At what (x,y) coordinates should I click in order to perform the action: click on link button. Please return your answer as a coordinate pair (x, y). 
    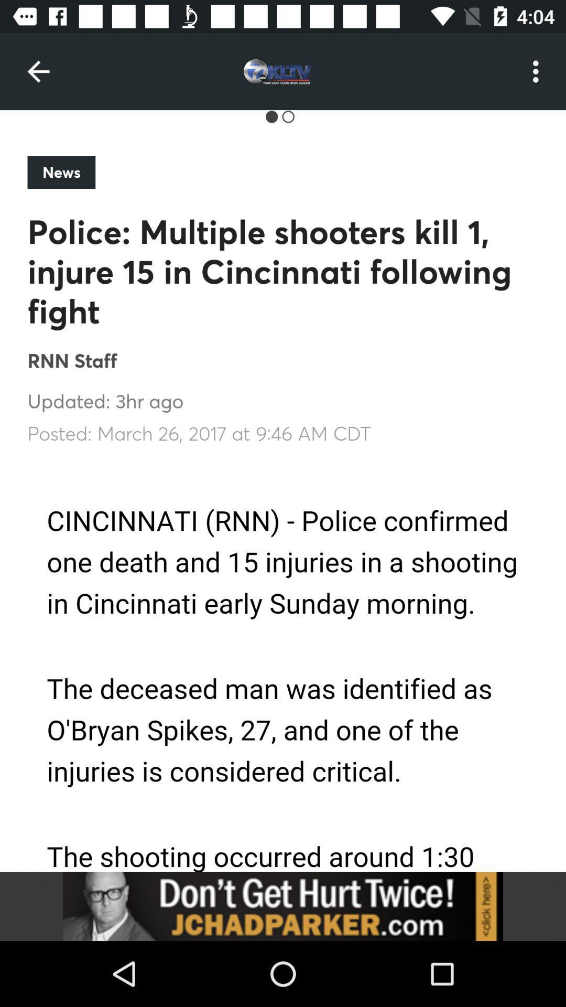
    Looking at the image, I should click on (283, 906).